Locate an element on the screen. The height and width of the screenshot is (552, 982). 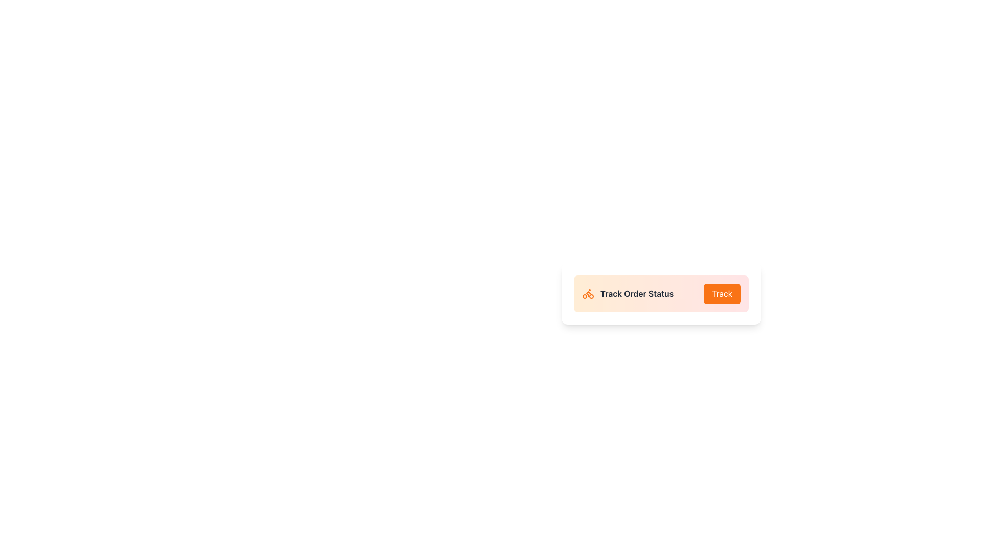
the Text Label that indicates it is related to tracking the order status, located within the panel to the left of the 'Track' button is located at coordinates (627, 293).